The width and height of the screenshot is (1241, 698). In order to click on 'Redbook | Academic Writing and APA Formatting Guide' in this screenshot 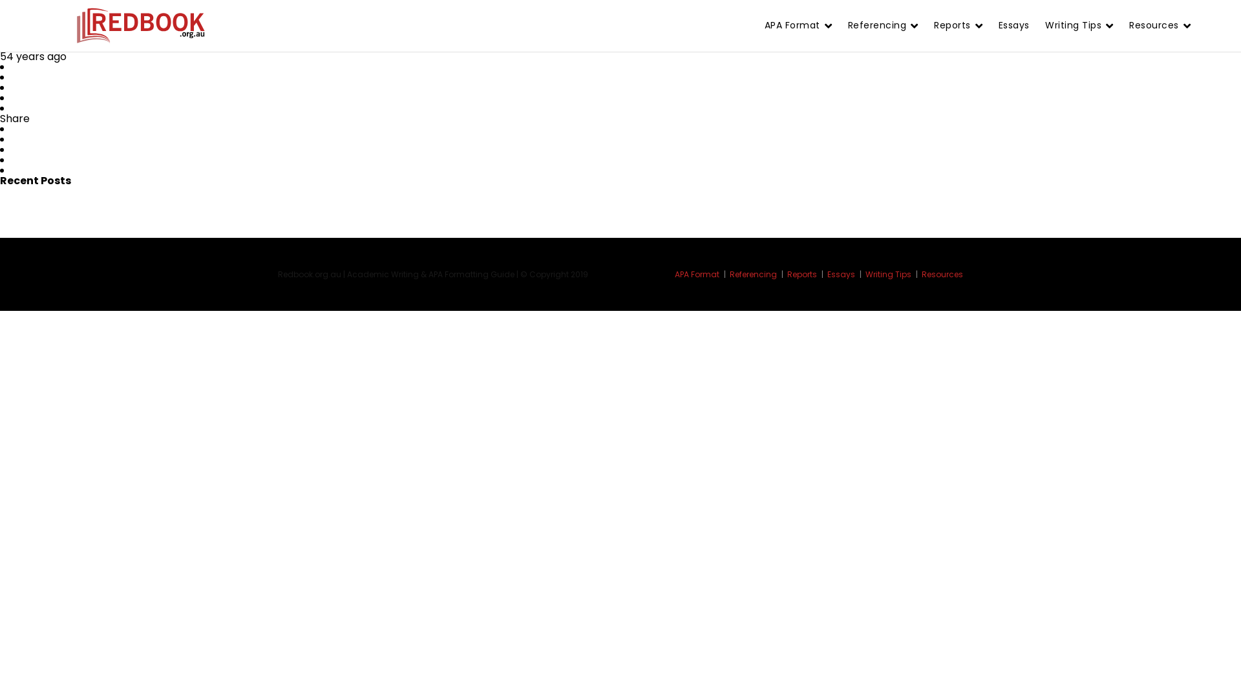, I will do `click(140, 26)`.